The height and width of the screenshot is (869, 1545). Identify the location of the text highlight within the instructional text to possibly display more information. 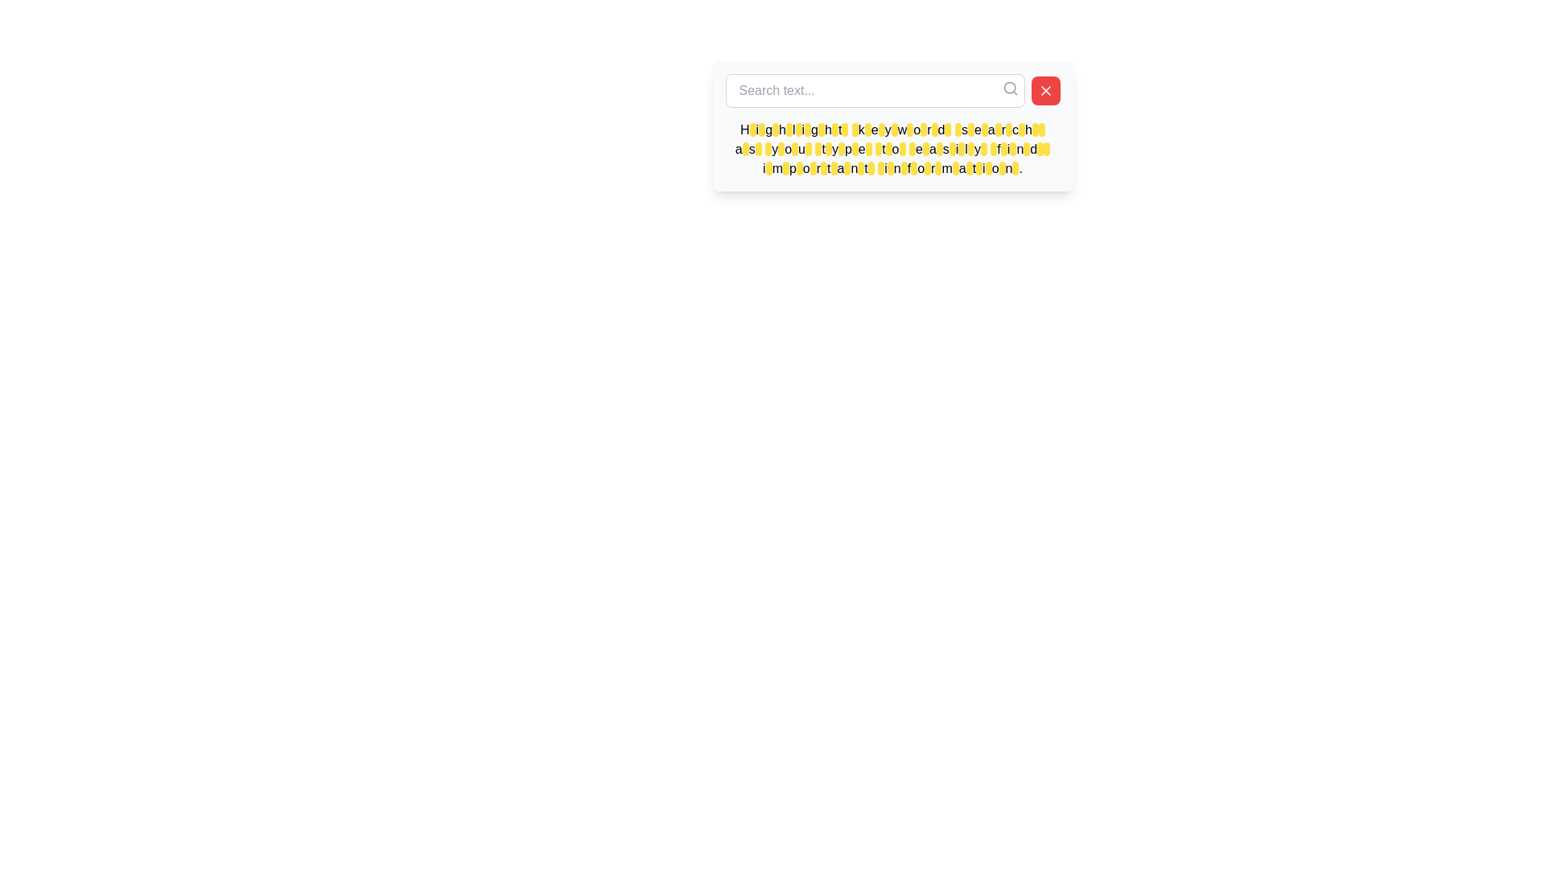
(928, 168).